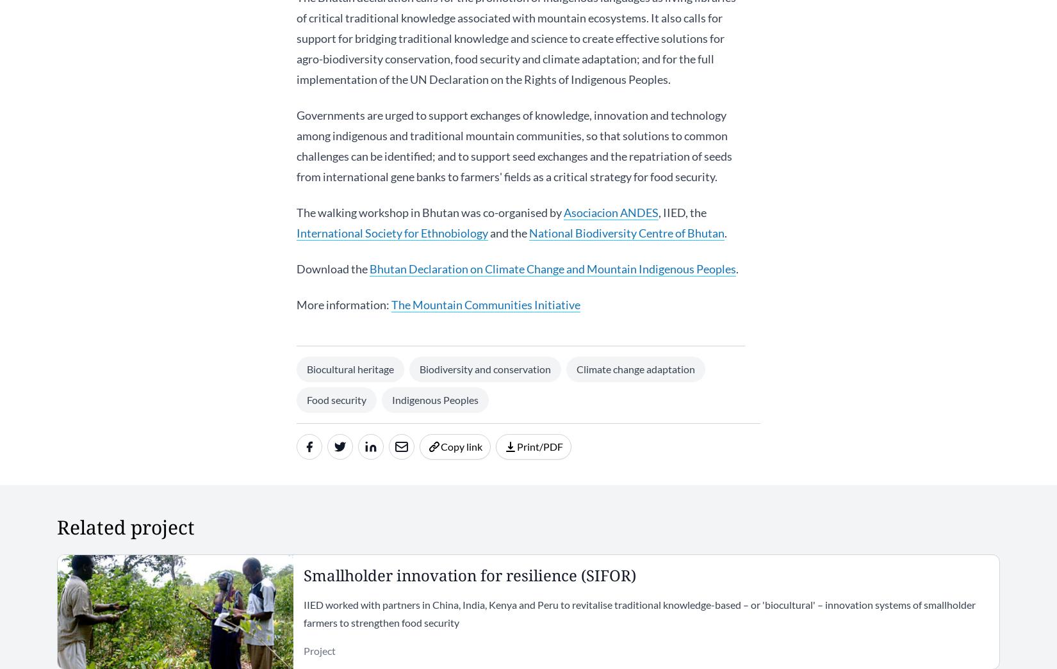  What do you see at coordinates (295, 146) in the screenshot?
I see `'Governments are urged to support exchanges of knowledge, innovation and technology among indigenous and traditional mountain communities, so that solutions to common challenges can be identified; and to support seed exchanges and the repatriation of seeds from international gene banks to farmers' fields as a critical strategy for food security.'` at bounding box center [295, 146].